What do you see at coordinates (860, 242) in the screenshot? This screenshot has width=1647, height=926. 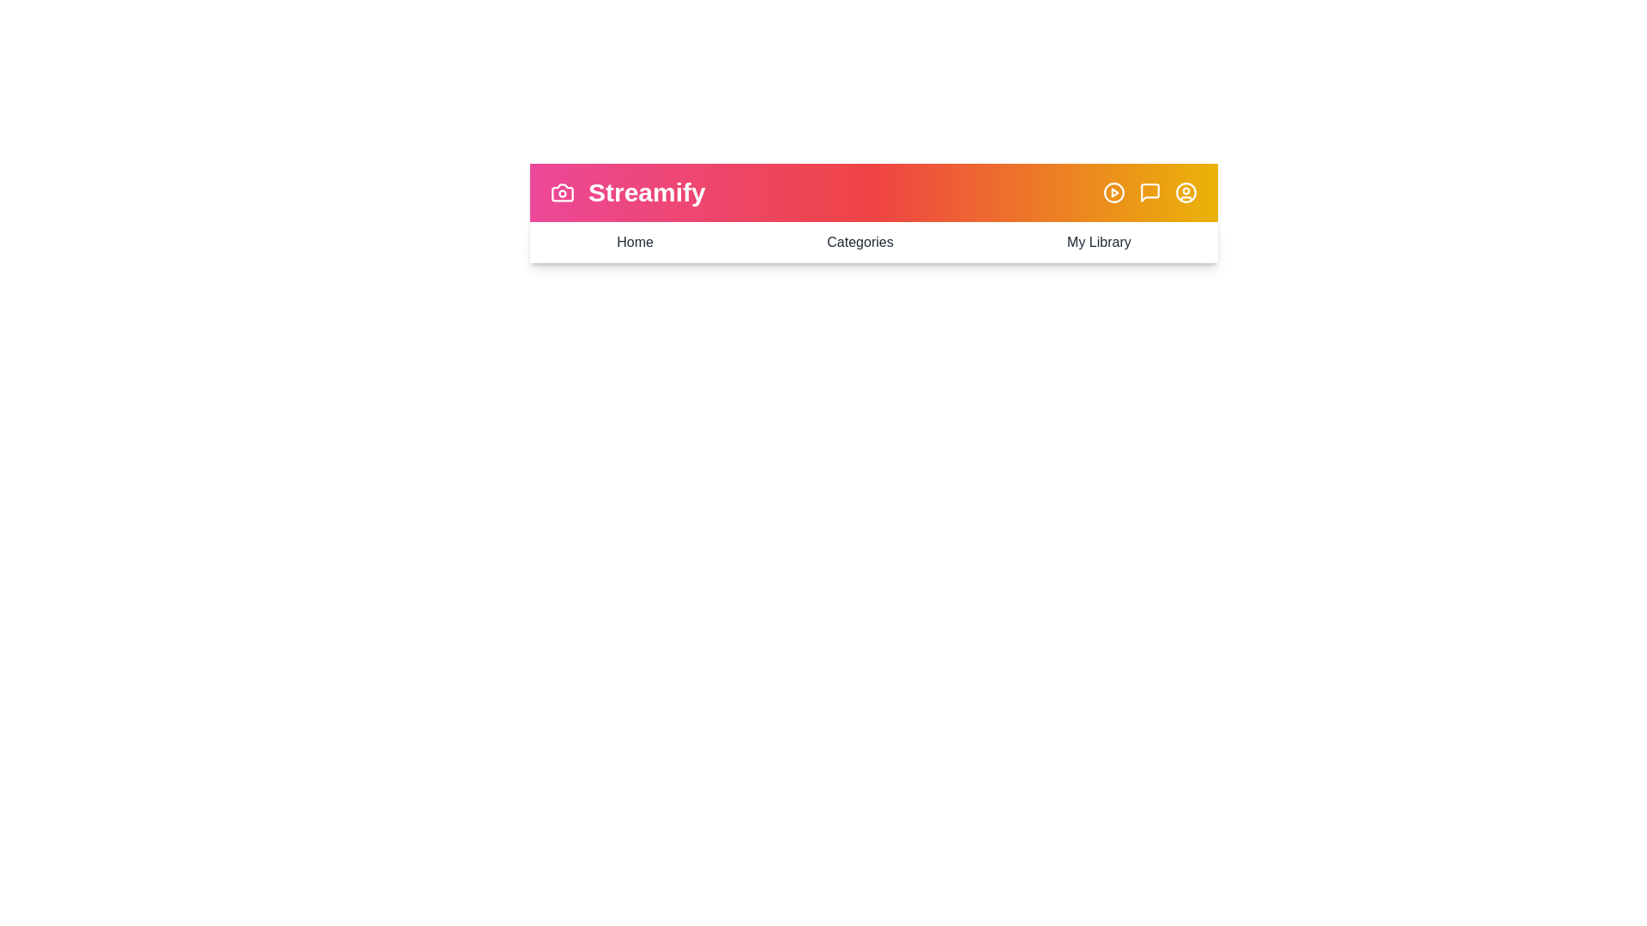 I see `the menu item labeled 'Categories'` at bounding box center [860, 242].